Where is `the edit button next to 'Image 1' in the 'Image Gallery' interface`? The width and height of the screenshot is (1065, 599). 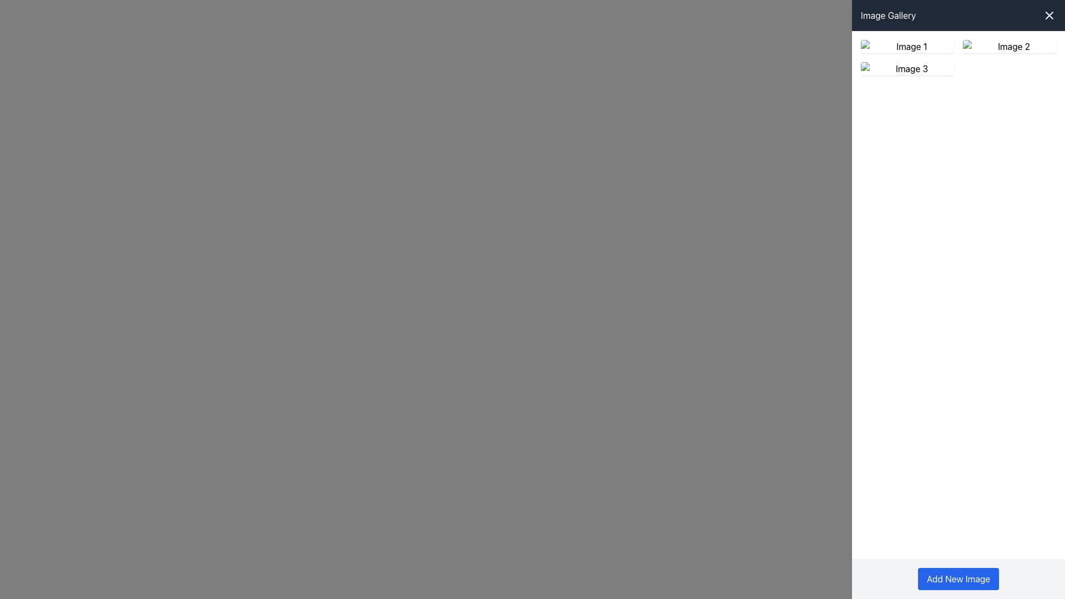 the edit button next to 'Image 1' in the 'Image Gallery' interface is located at coordinates (907, 46).